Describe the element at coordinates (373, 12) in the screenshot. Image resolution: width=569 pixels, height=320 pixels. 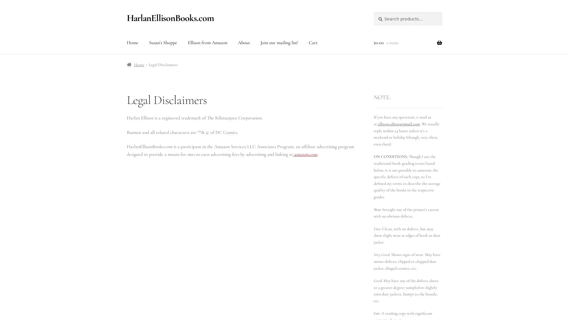
I see `Search` at that location.